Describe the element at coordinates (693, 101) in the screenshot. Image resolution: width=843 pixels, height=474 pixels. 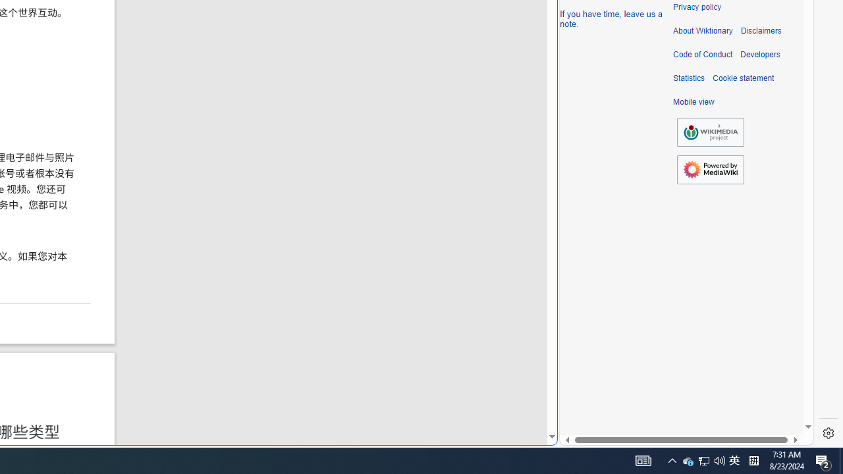
I see `'Mobile view'` at that location.